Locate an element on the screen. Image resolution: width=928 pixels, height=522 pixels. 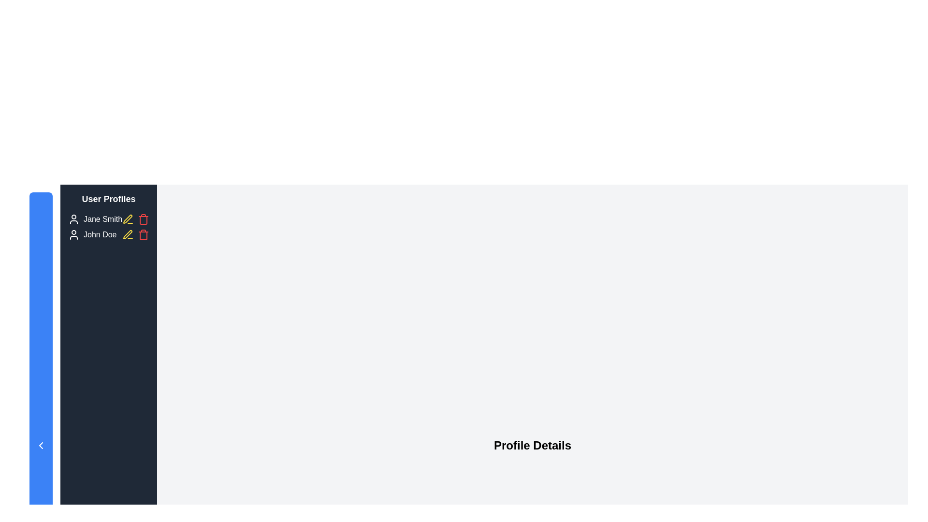
the section heading labeled 'User Profiles' to access adjacent interactive elements related to user profiles is located at coordinates (109, 199).